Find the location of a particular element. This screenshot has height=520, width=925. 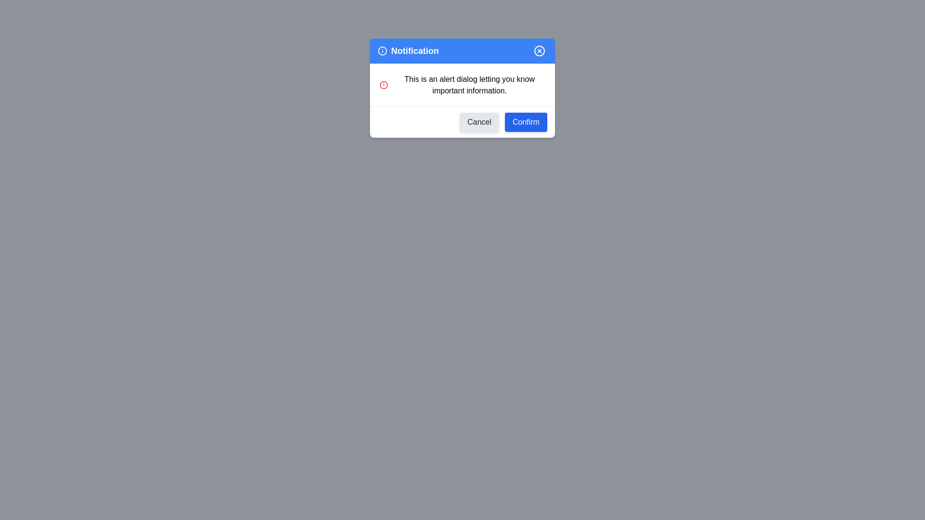

the close button located at the top-right corner of the blue header bar labeled 'Notification' is located at coordinates (539, 51).